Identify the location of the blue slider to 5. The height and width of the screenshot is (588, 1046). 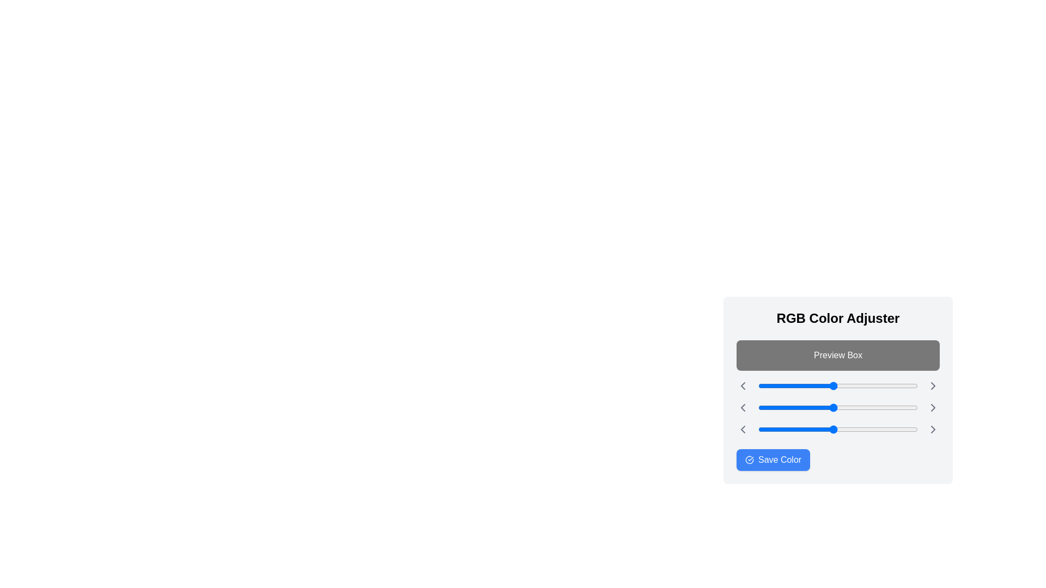
(761, 429).